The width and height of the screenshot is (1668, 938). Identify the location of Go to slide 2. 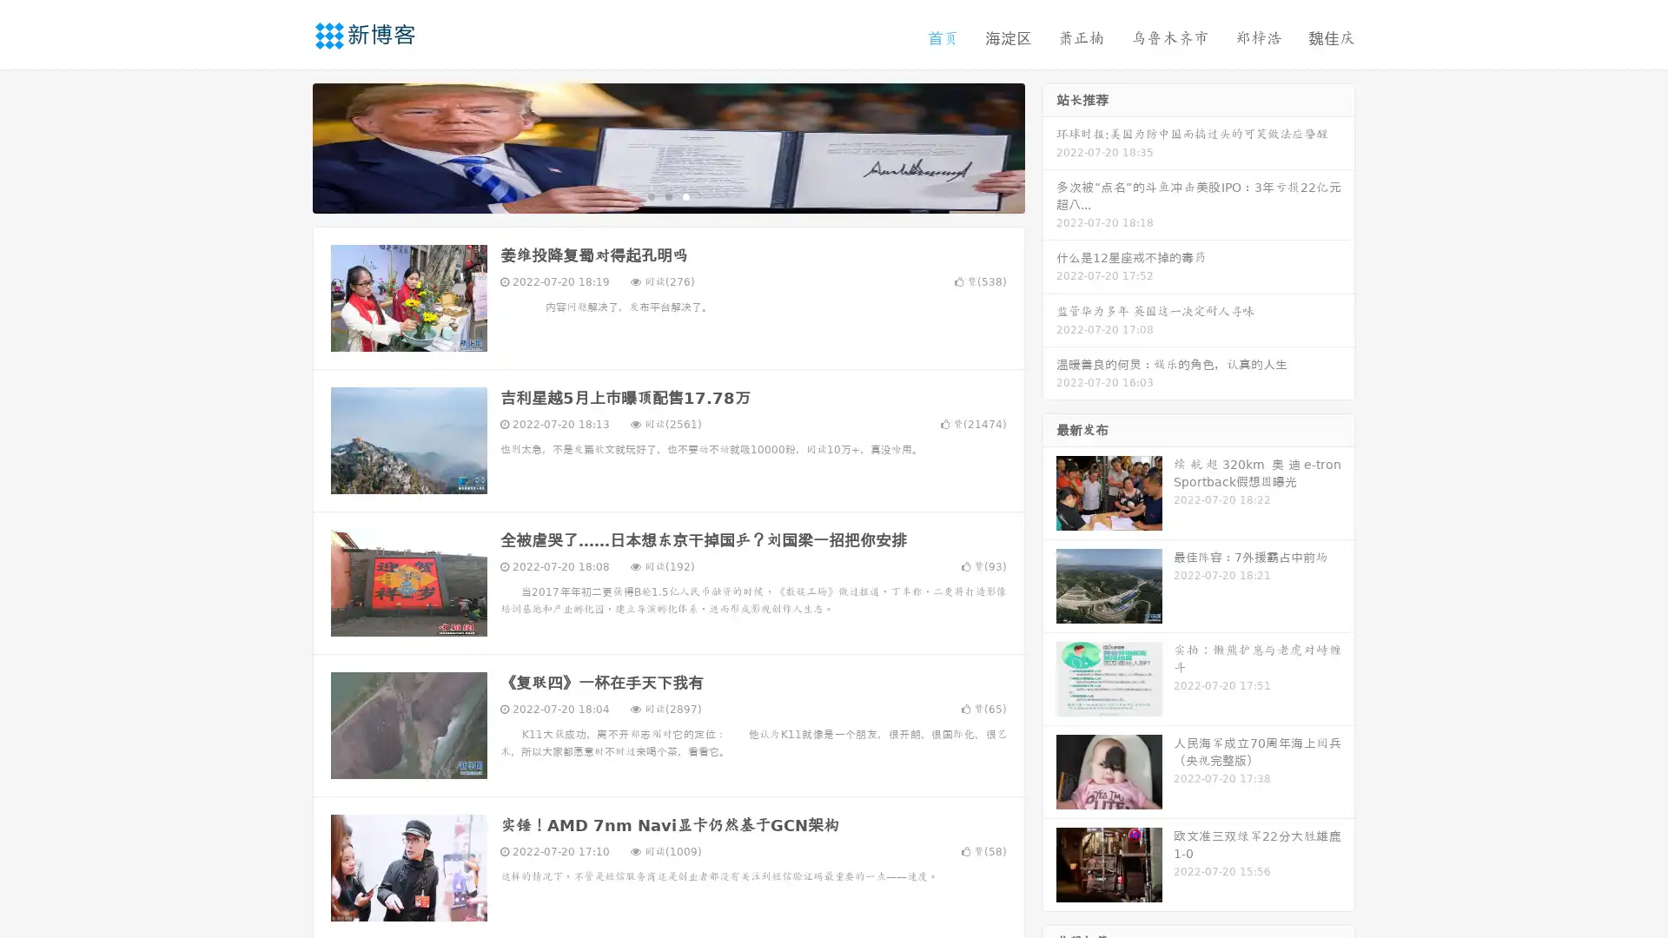
(667, 195).